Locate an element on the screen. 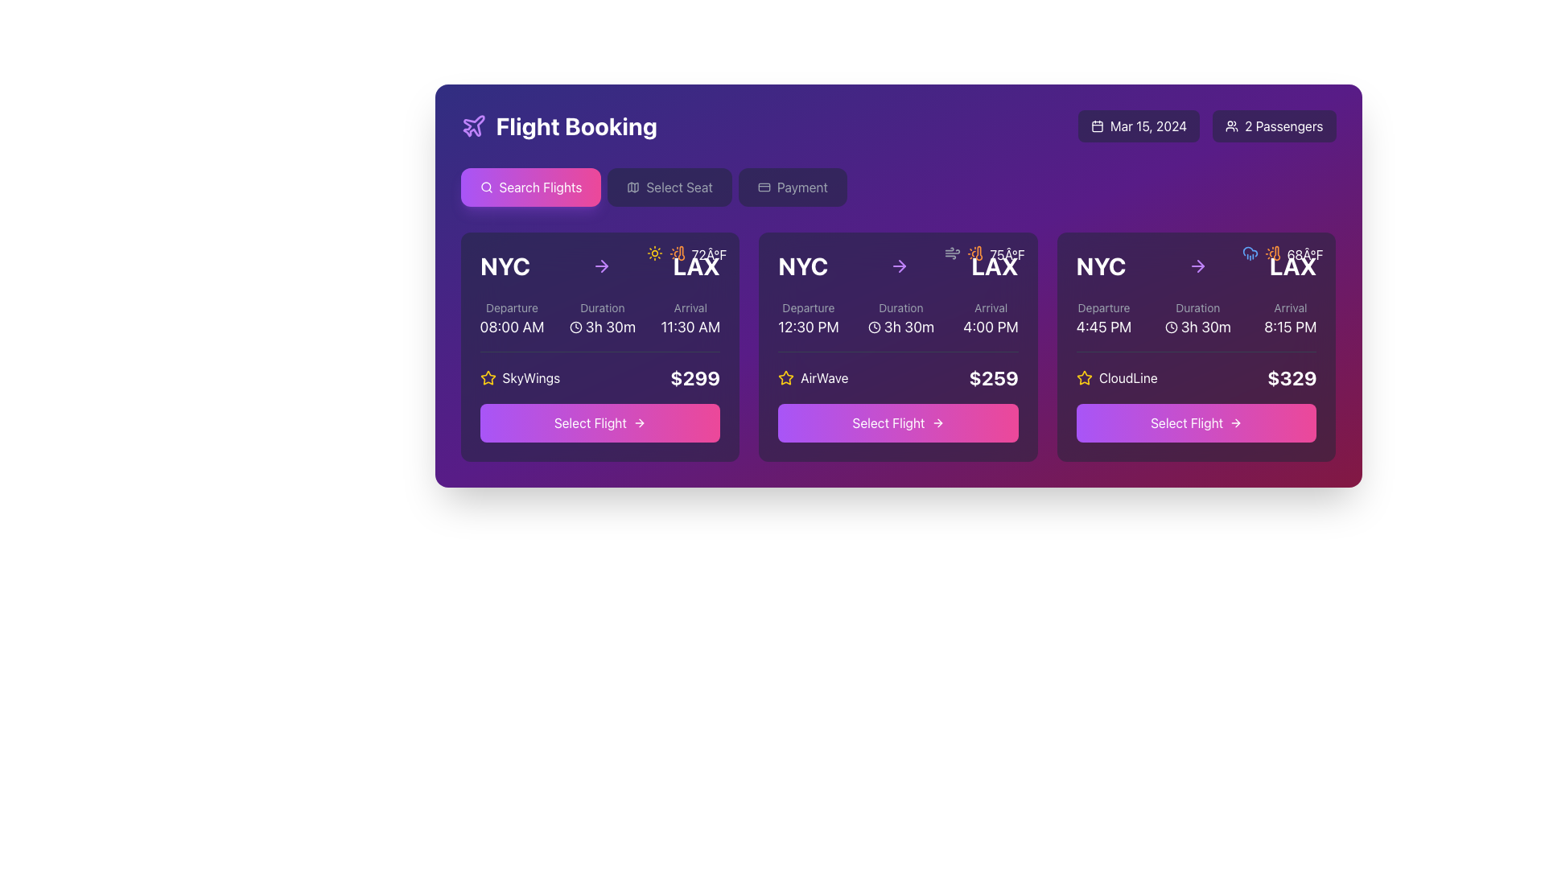 This screenshot has width=1545, height=869. the Search Icon, which resembles a magnifying glass and is part of the 'Search Flights' button located at the top of the interface is located at coordinates (485, 186).